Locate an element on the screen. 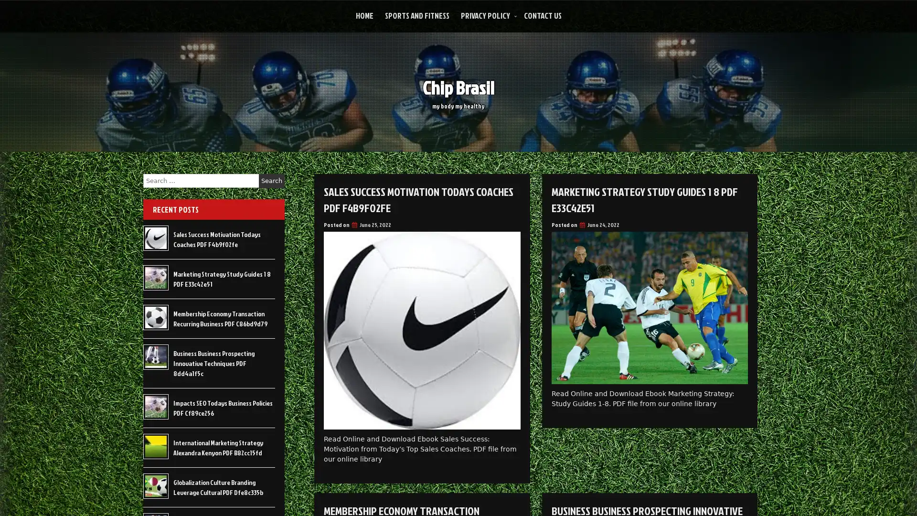 Image resolution: width=917 pixels, height=516 pixels. Search is located at coordinates (271, 181).